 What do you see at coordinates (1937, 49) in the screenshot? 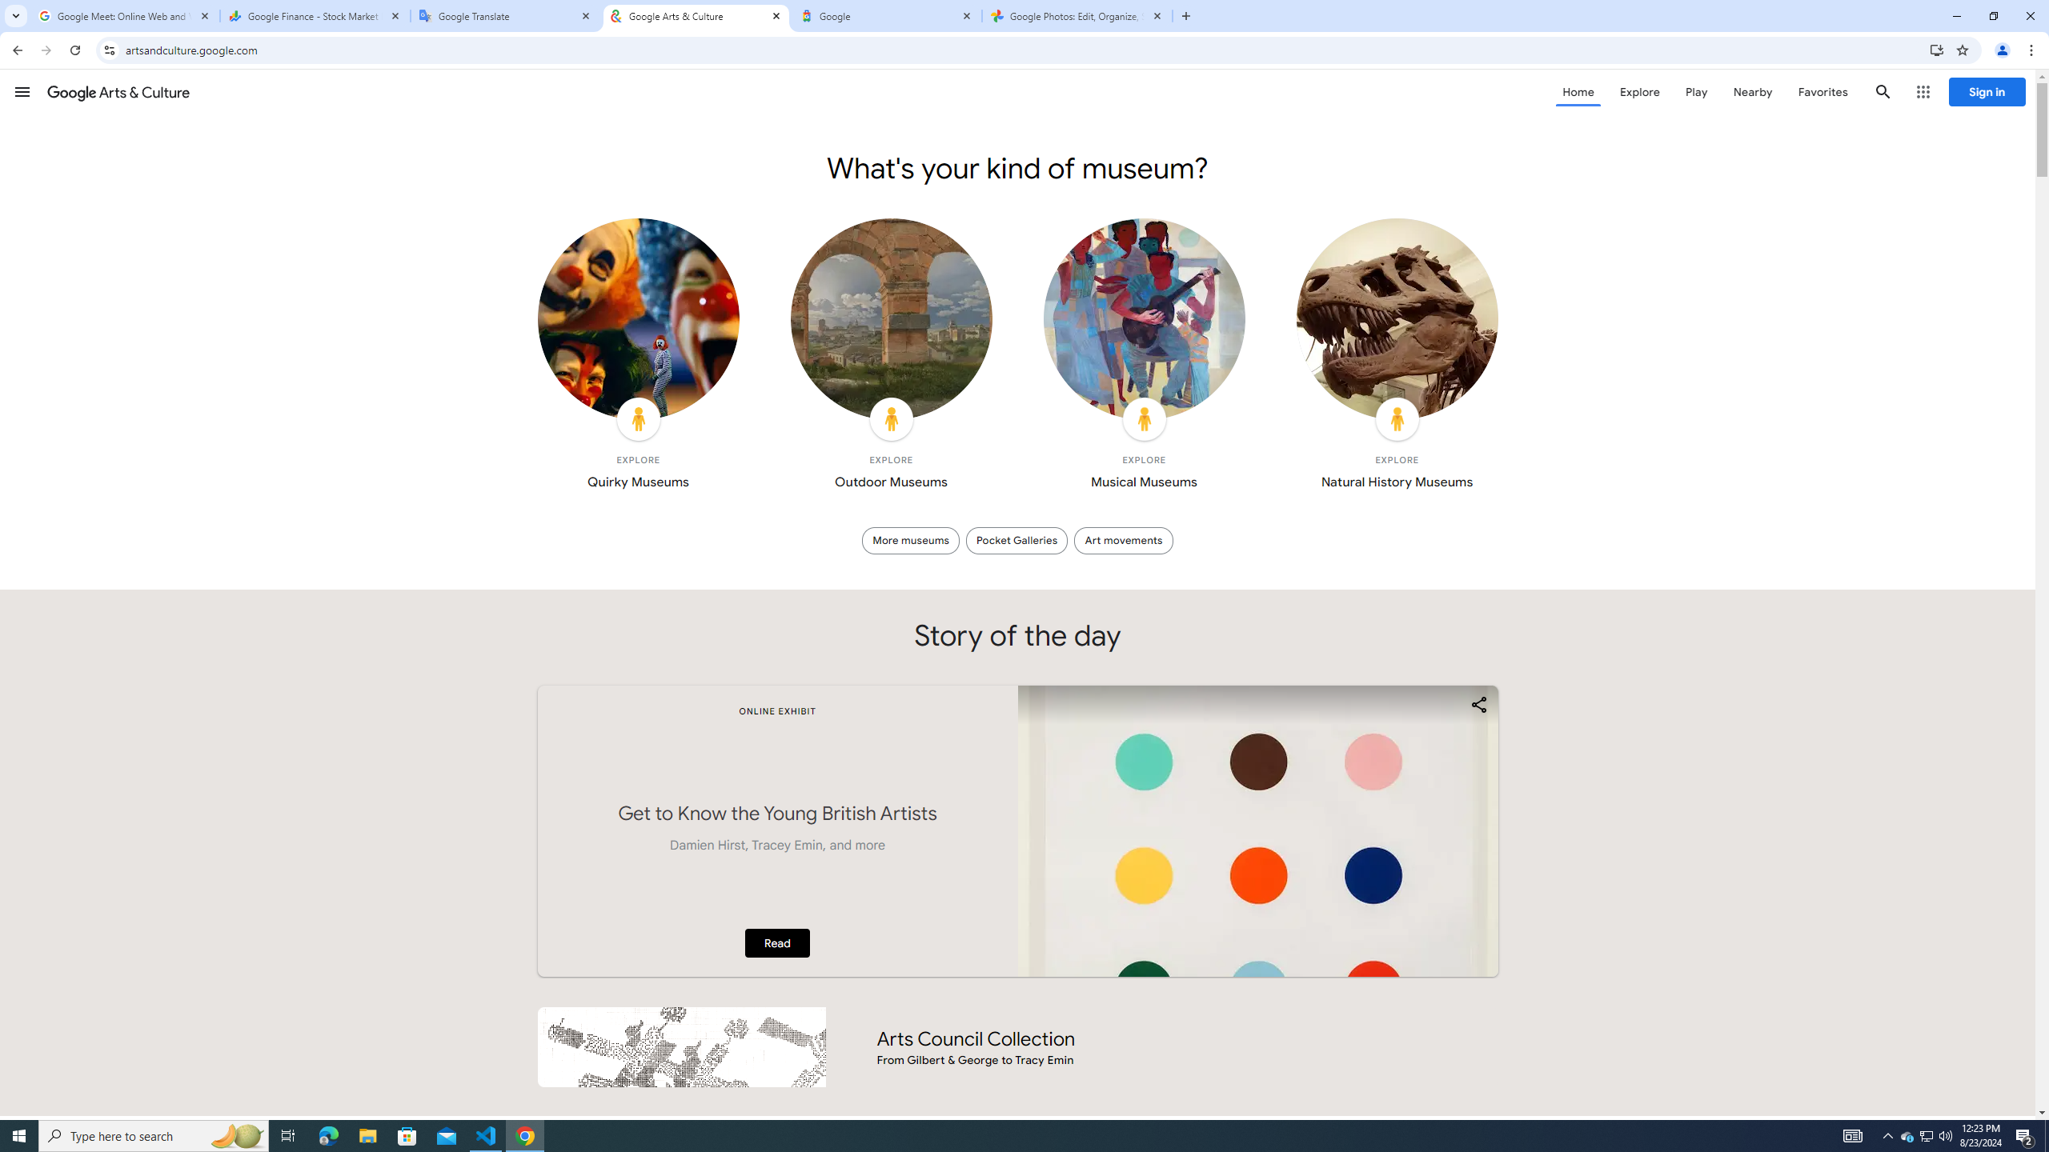
I see `'Install Google Arts & Culture'` at bounding box center [1937, 49].